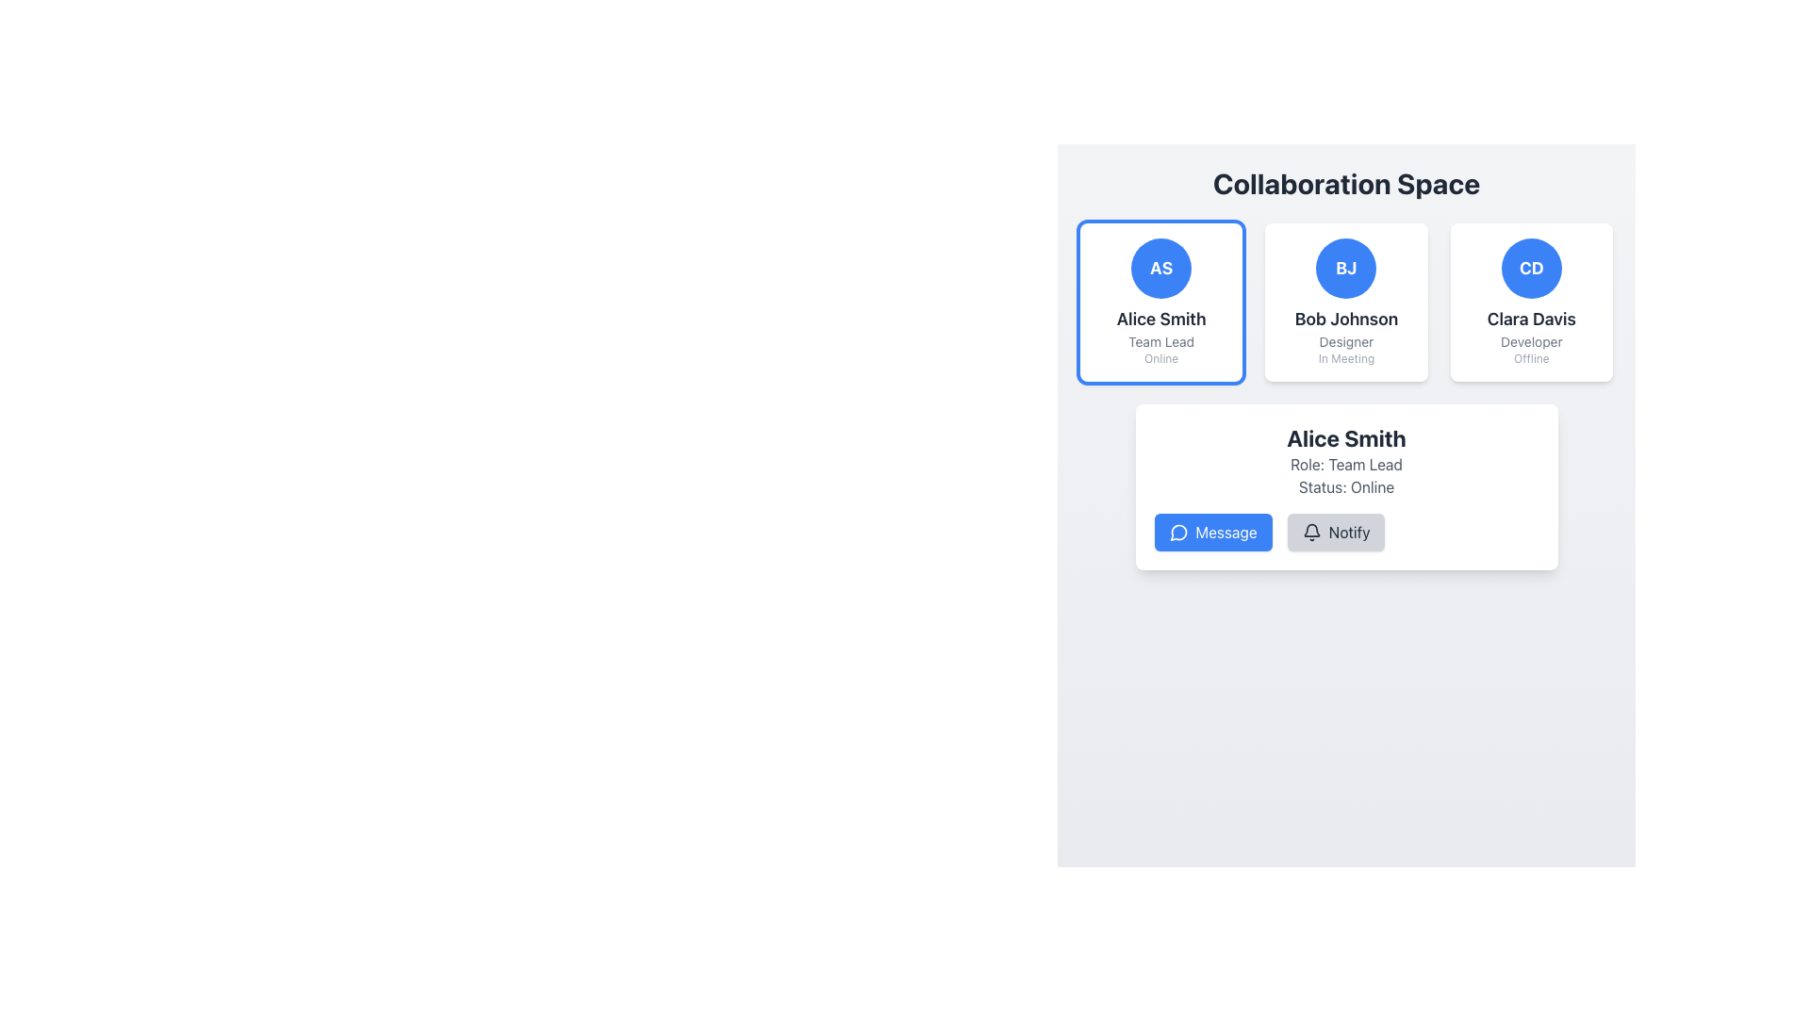 This screenshot has height=1018, width=1810. I want to click on the 'Message' button located at the bottom left of Alice Smith's user detail card to initiate a messaging action, so click(1177, 532).